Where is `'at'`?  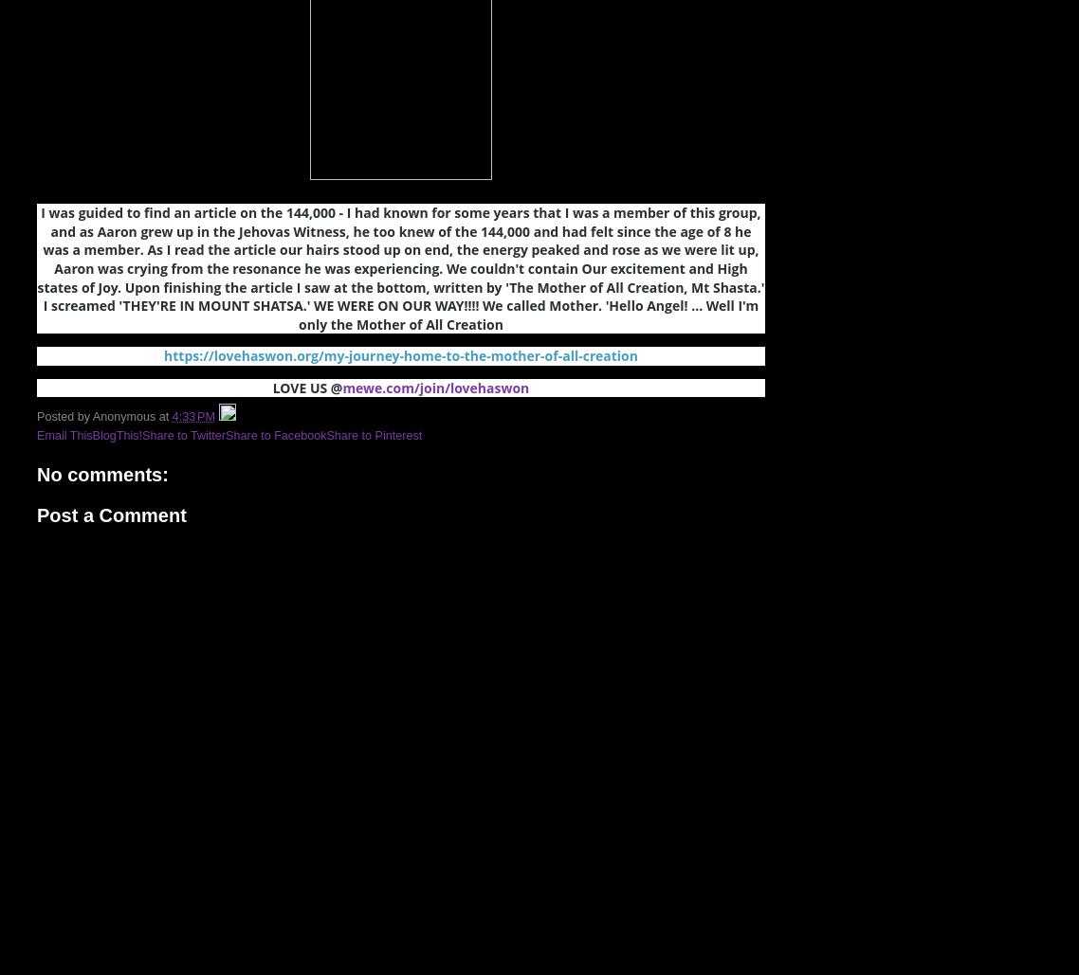 'at' is located at coordinates (157, 414).